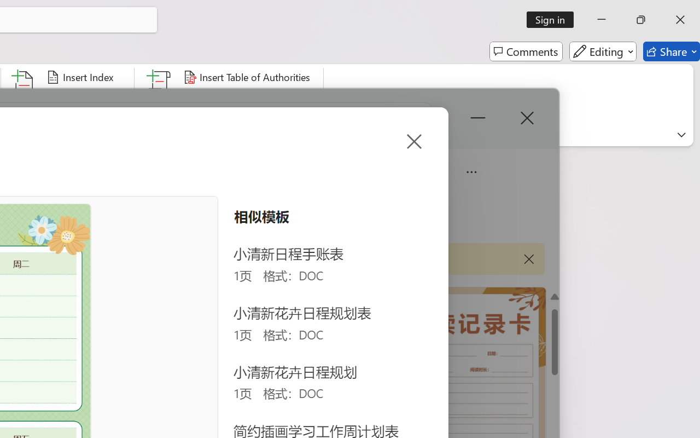  I want to click on 'Sign in', so click(554, 19).